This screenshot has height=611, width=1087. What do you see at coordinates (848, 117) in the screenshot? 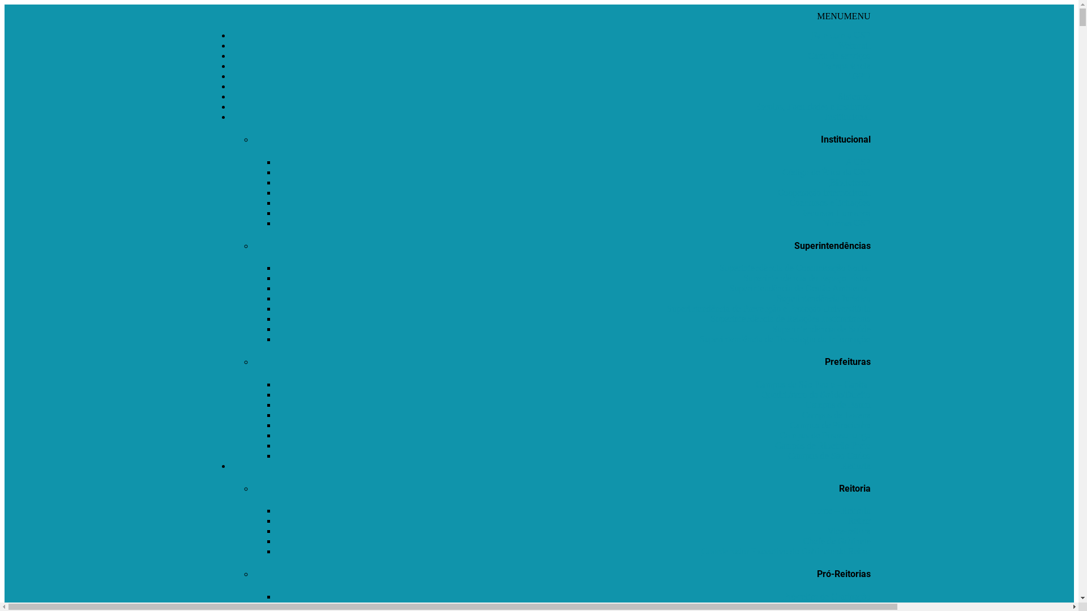
I see `'Institucional'` at bounding box center [848, 117].